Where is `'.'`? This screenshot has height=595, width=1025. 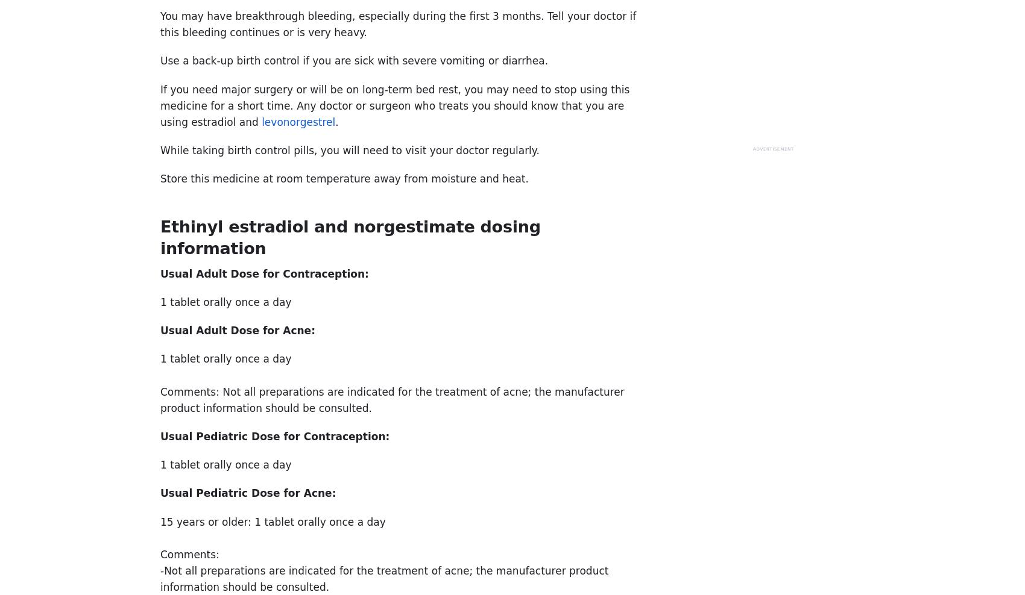
'.' is located at coordinates (335, 122).